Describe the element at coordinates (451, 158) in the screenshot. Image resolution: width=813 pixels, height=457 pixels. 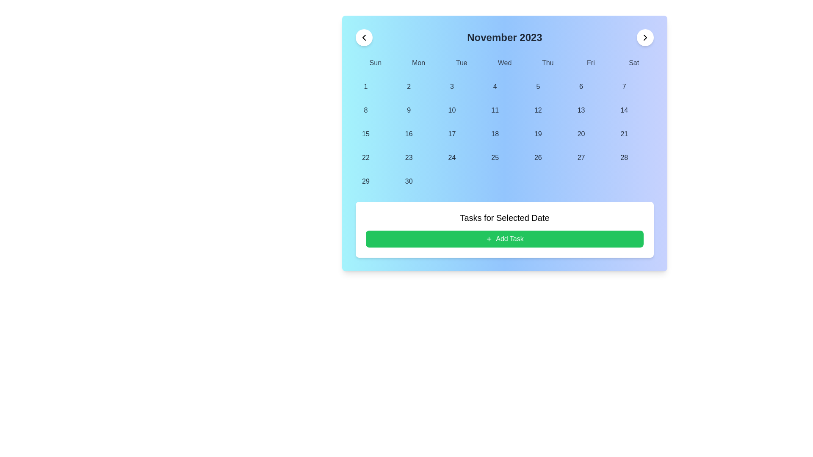
I see `the button in the calendar grid that selects the date '24'` at that location.